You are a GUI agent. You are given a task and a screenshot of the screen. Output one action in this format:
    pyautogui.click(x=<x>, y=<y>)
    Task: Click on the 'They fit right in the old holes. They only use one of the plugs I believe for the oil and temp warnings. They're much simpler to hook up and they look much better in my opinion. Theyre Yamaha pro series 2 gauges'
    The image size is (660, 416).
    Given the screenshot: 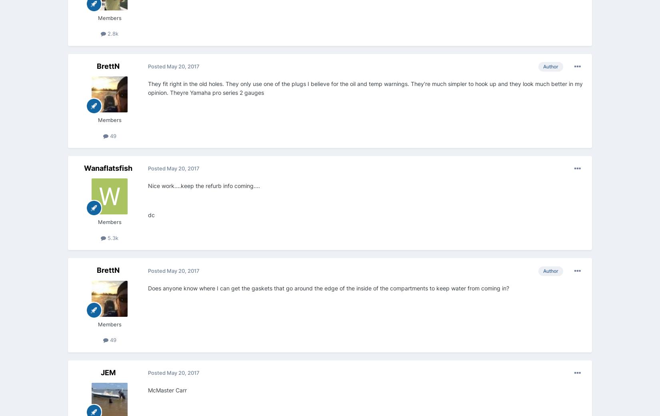 What is the action you would take?
    pyautogui.click(x=365, y=88)
    